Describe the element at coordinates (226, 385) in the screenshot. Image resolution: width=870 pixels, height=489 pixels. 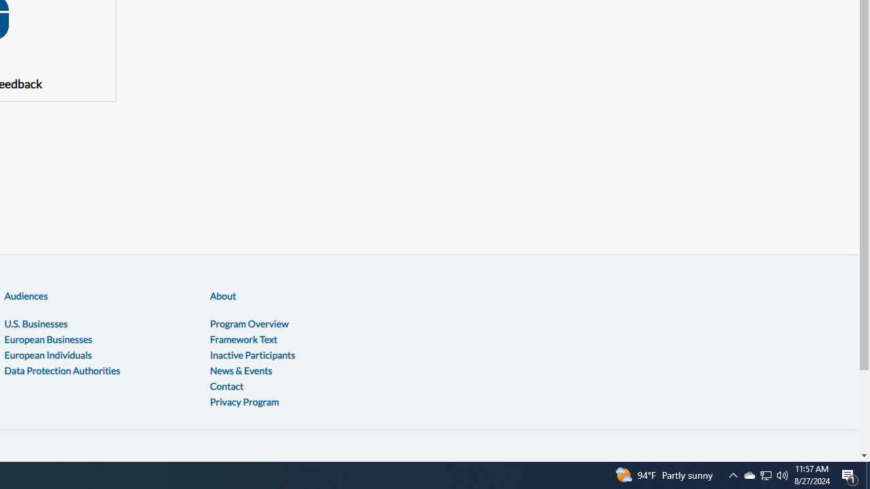
I see `'Contact'` at that location.